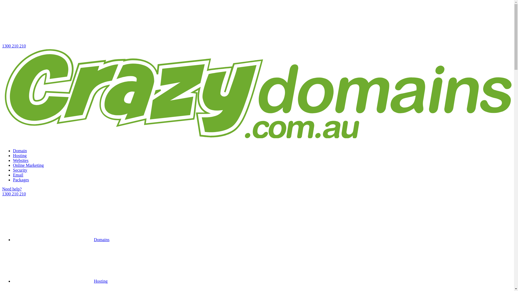  What do you see at coordinates (20, 151) in the screenshot?
I see `'Domain'` at bounding box center [20, 151].